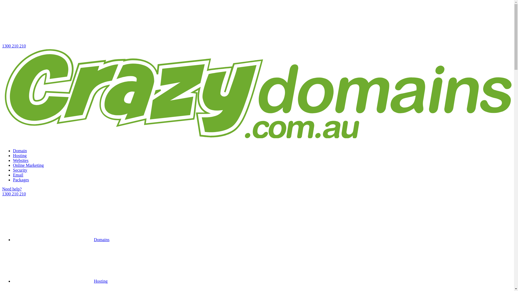  What do you see at coordinates (20, 151) in the screenshot?
I see `'Domain'` at bounding box center [20, 151].